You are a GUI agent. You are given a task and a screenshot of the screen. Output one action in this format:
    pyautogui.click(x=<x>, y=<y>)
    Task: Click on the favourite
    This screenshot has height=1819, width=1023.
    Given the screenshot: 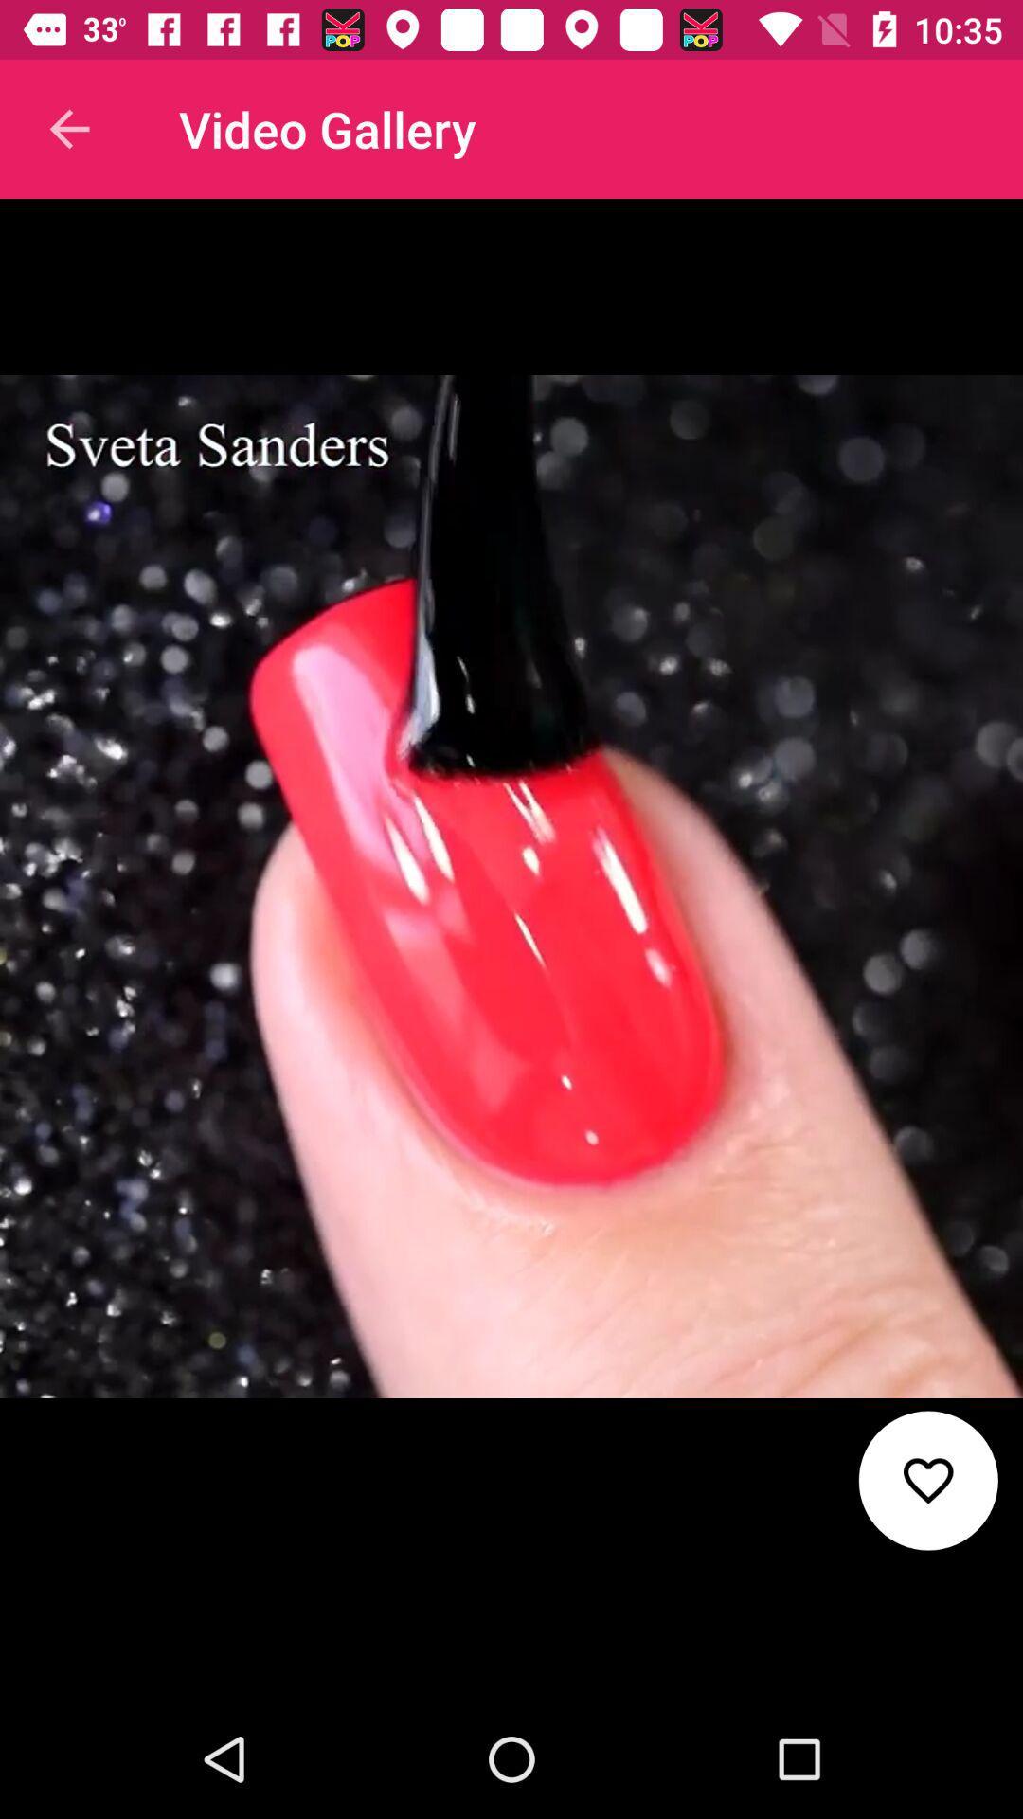 What is the action you would take?
    pyautogui.click(x=927, y=1480)
    